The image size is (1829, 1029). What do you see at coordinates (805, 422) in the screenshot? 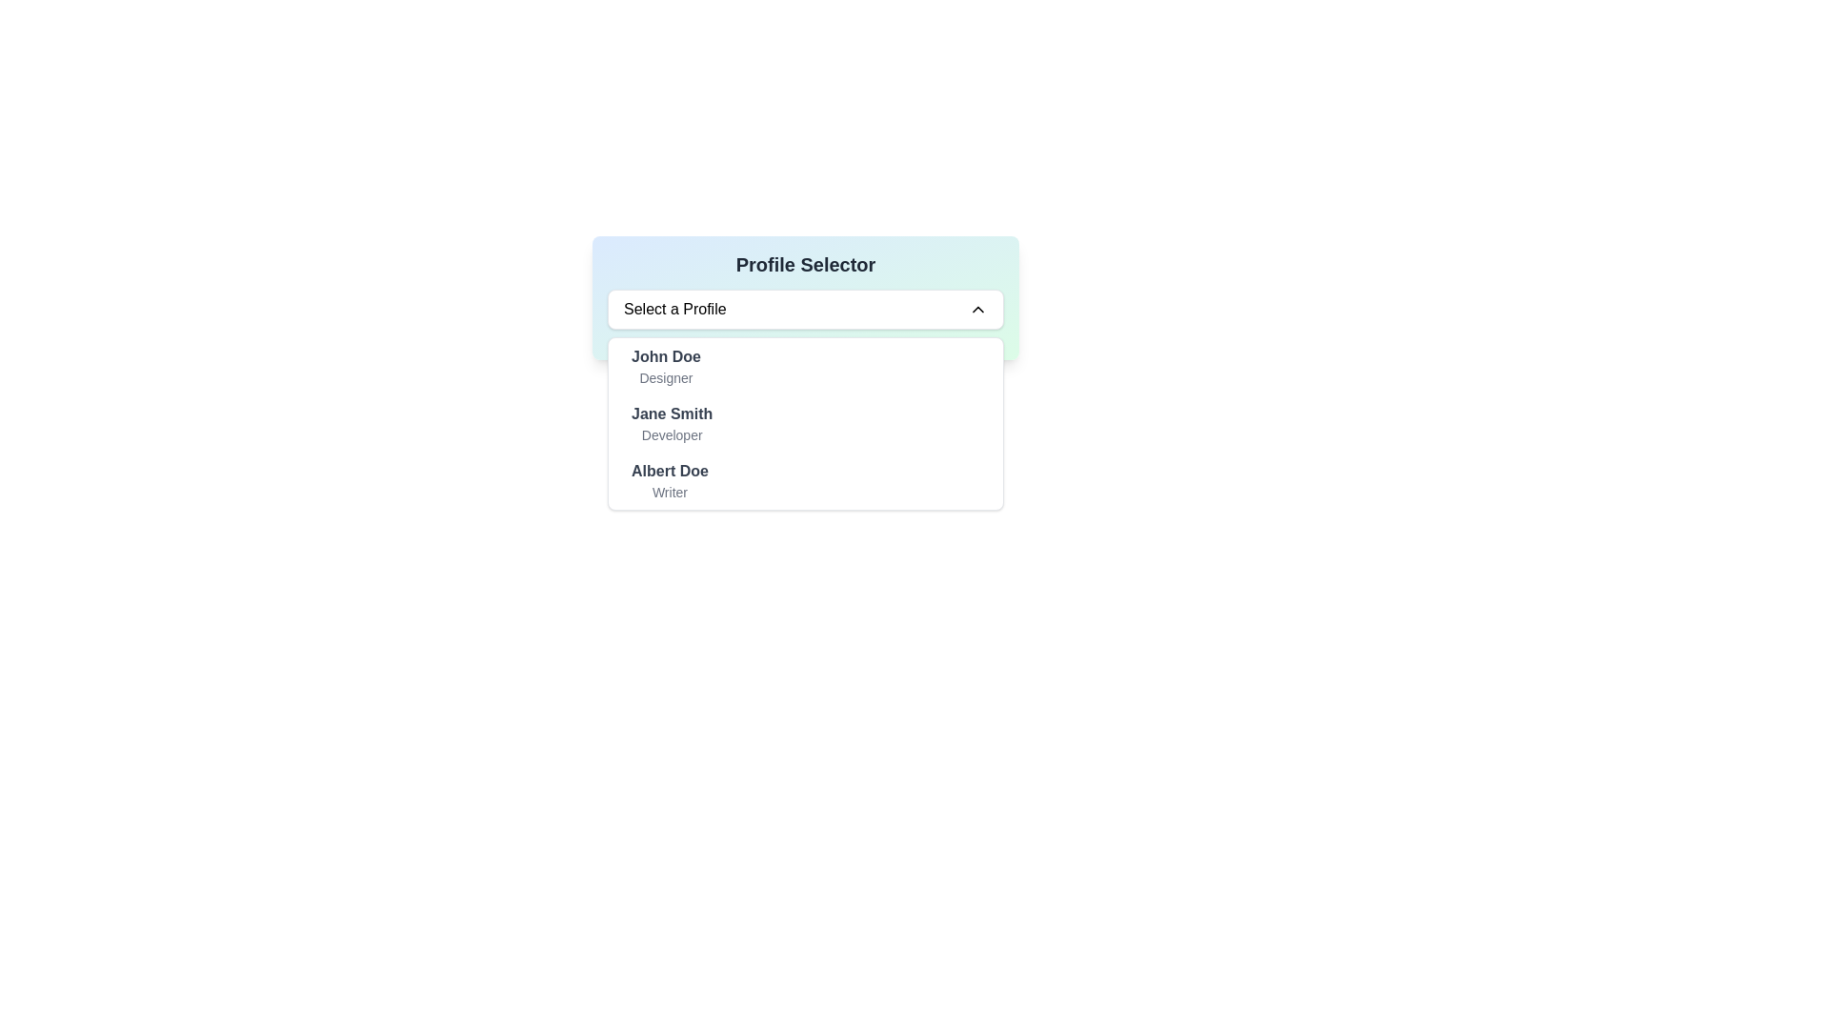
I see `the selectable profile option 'Jane Smith', labeled as 'Developer', within the dropdown menu using keyboard arrows` at bounding box center [805, 422].